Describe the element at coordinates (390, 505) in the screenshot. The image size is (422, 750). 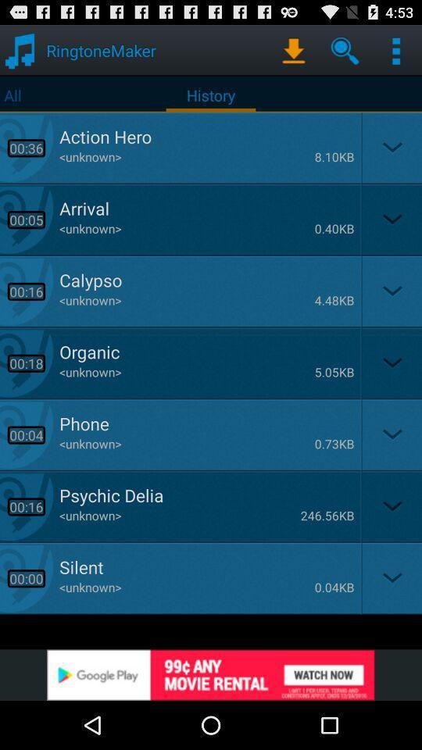
I see `the second drop down button from the bottom right side of the web page` at that location.